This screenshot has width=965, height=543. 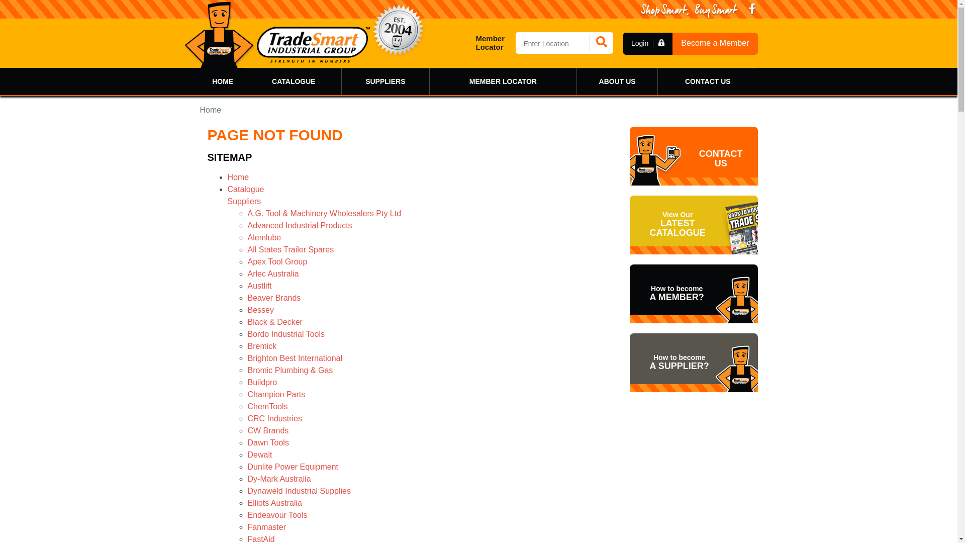 What do you see at coordinates (576, 81) in the screenshot?
I see `'ABOUT US'` at bounding box center [576, 81].